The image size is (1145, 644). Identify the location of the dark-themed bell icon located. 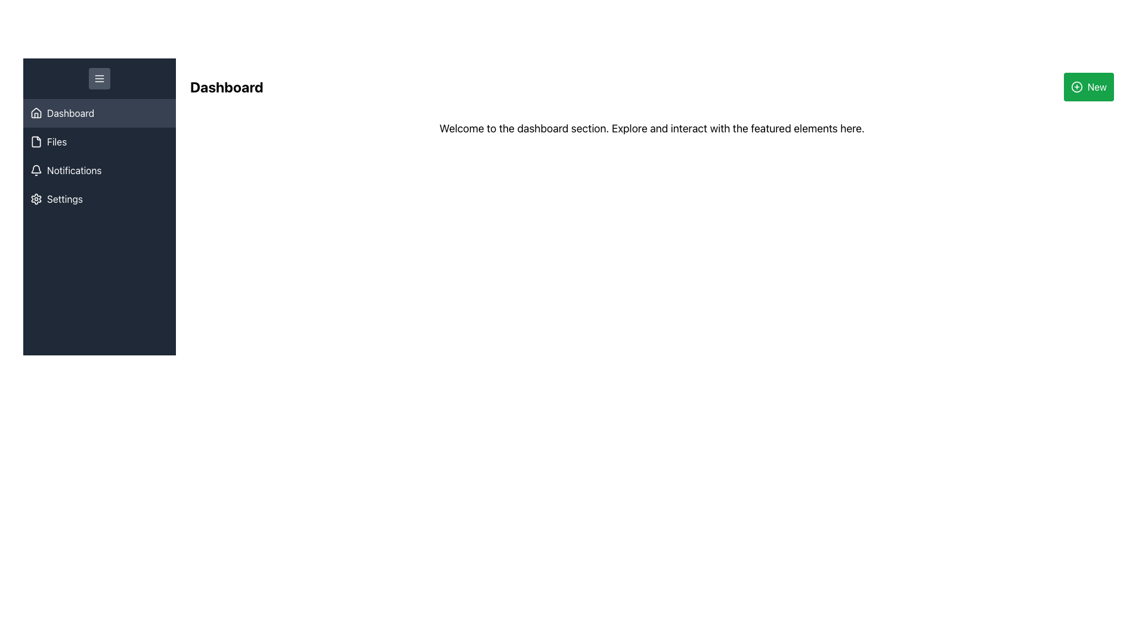
(36, 168).